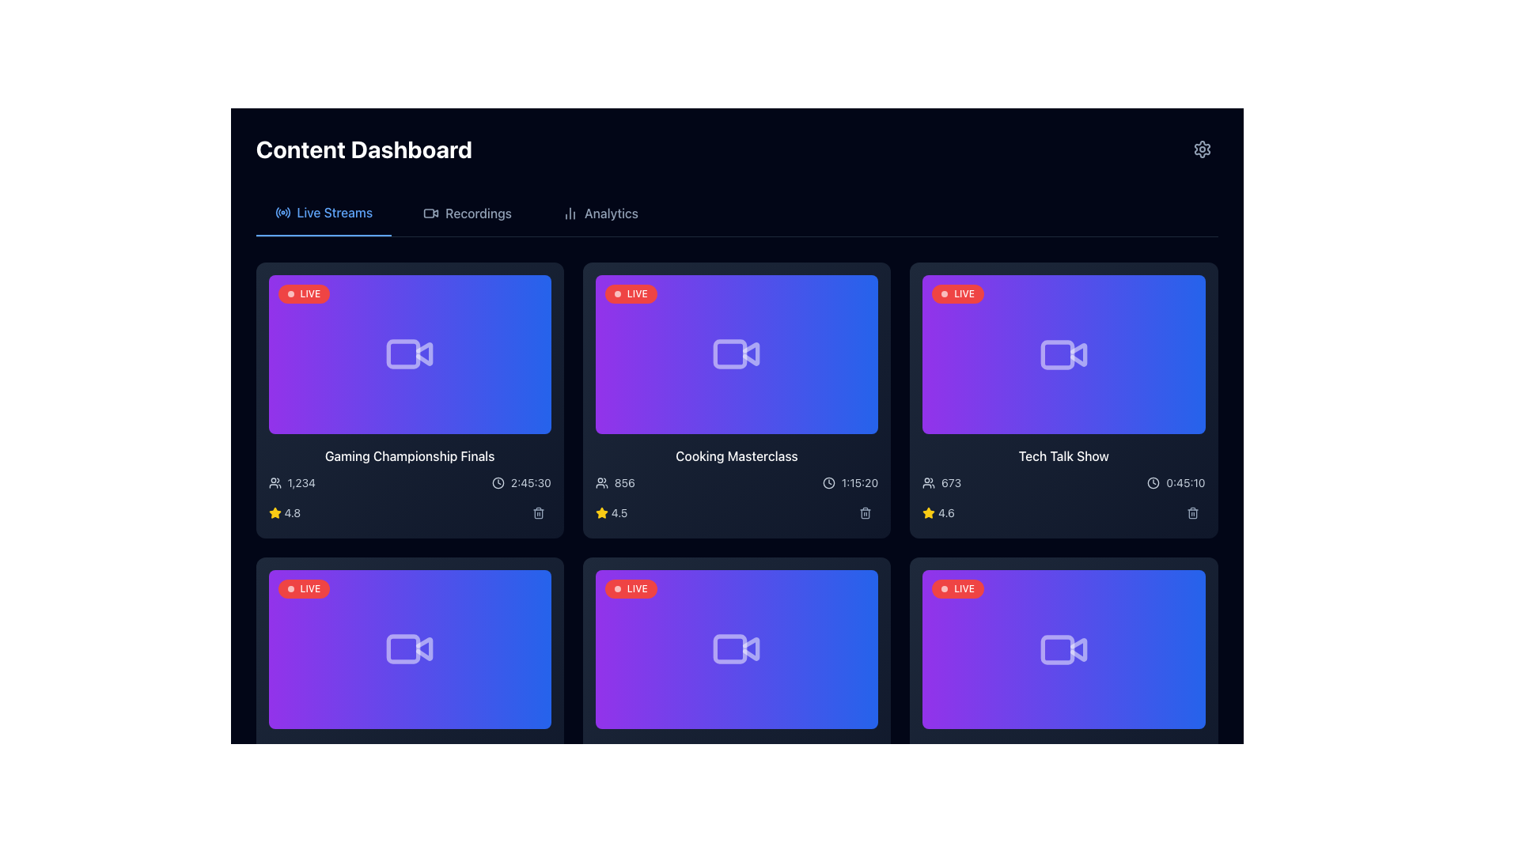  What do you see at coordinates (1057, 649) in the screenshot?
I see `the rectangular body of the video camera icon in the 'Tech Talk Show' section located at the bottom right of the interface grid as a reference for content type` at bounding box center [1057, 649].